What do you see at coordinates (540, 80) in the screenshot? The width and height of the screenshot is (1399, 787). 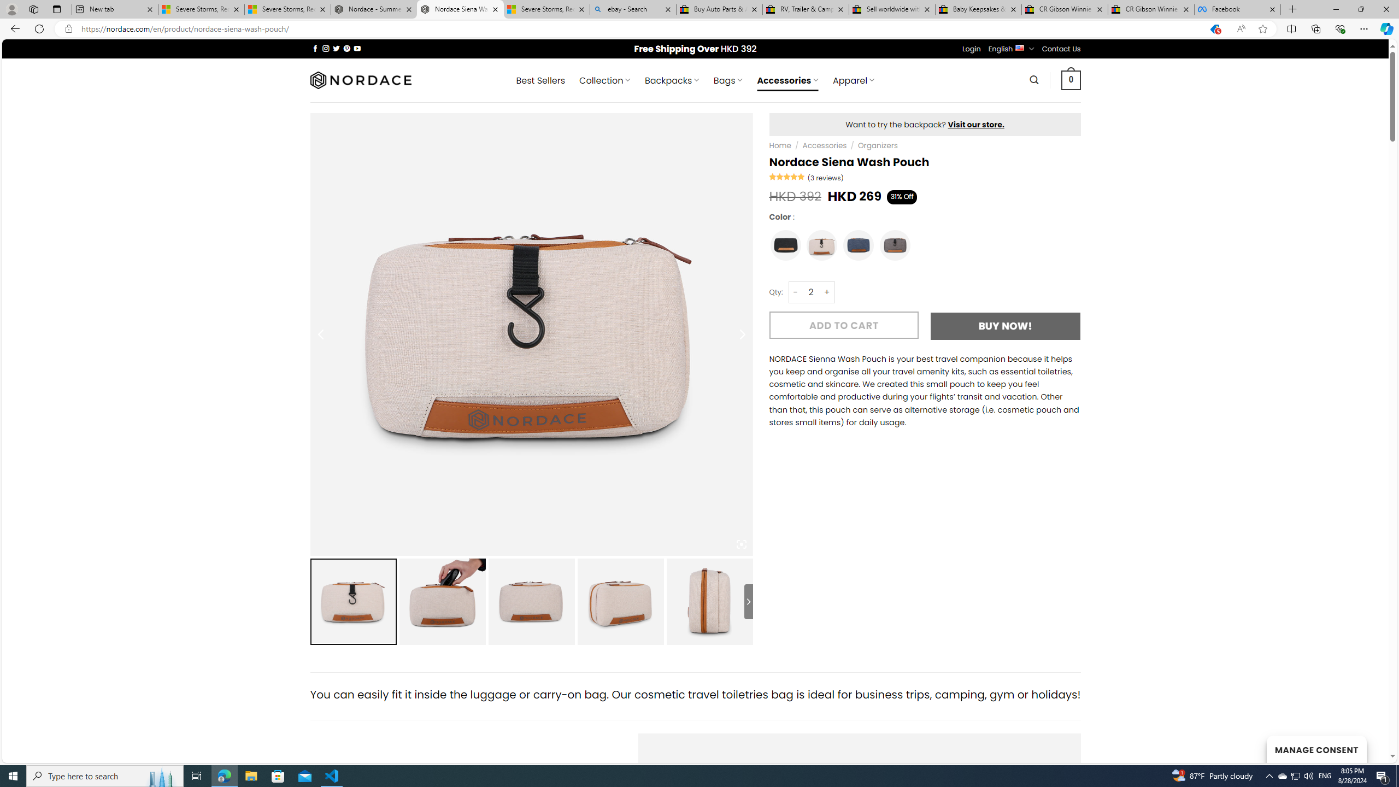 I see `' Best Sellers'` at bounding box center [540, 80].